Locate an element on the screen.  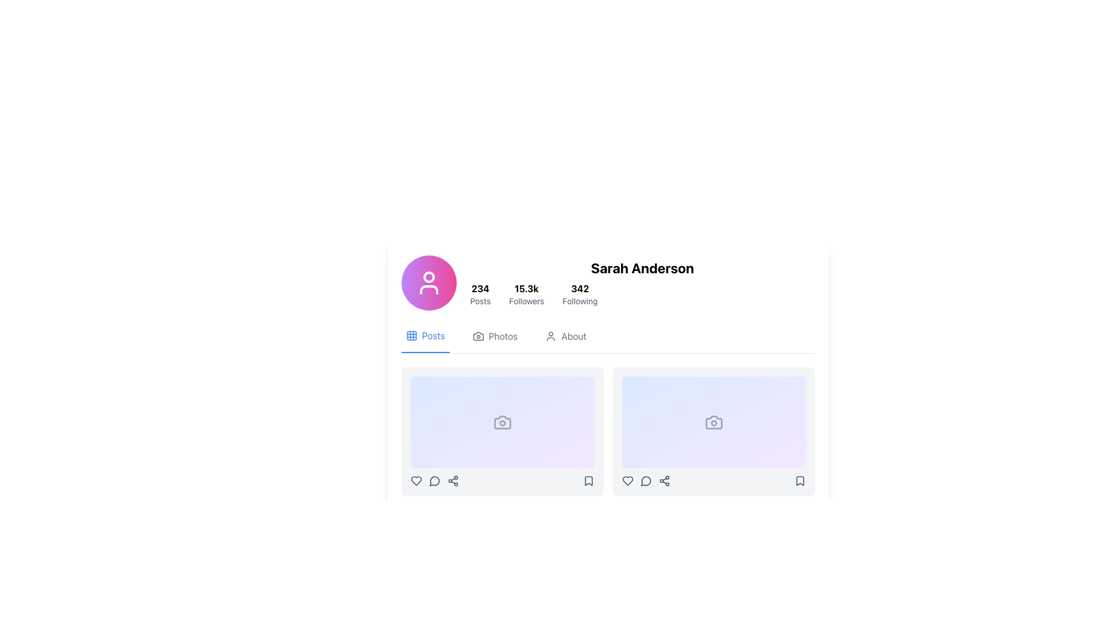
the Icon button located at the bottom center of the left post card to change its color is located at coordinates (452, 480).